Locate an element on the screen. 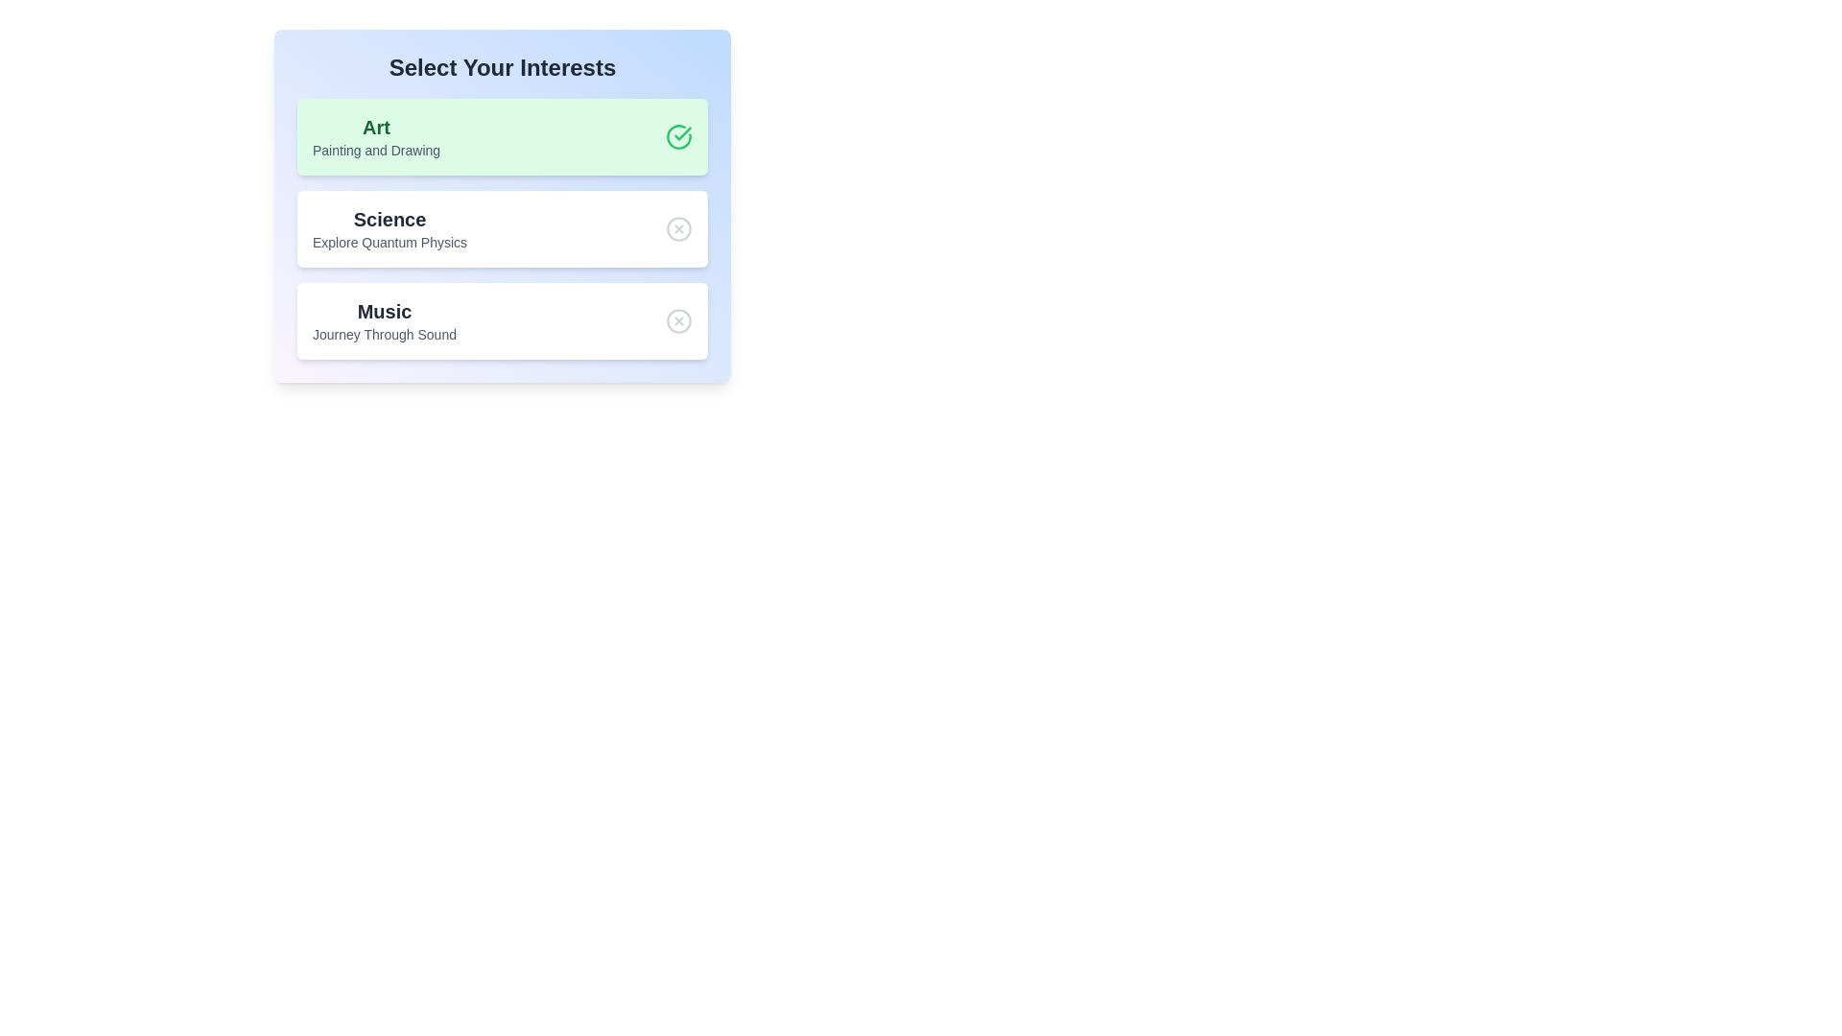 This screenshot has height=1036, width=1842. the chip labeled Art to observe the hover effect is located at coordinates (502, 135).